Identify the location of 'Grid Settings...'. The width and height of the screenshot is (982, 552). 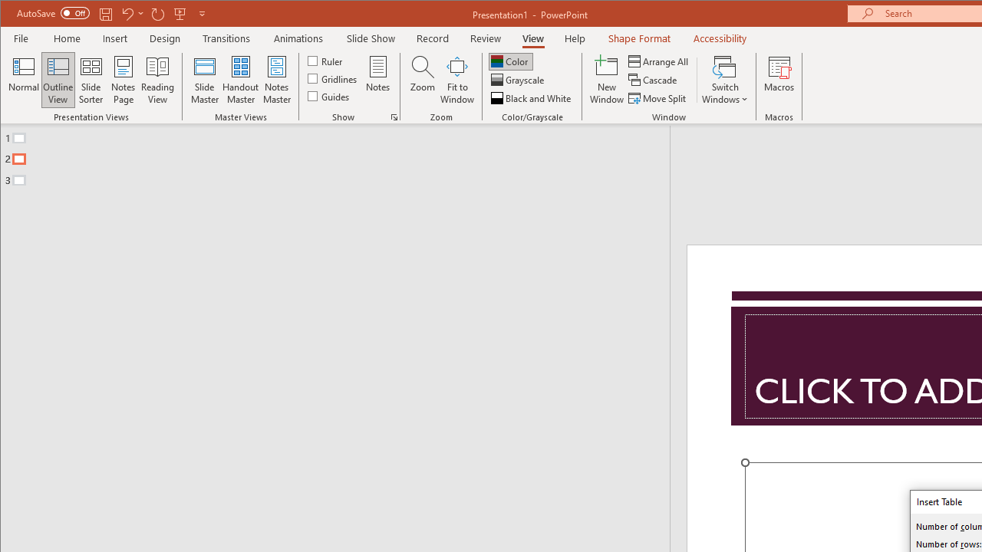
(394, 117).